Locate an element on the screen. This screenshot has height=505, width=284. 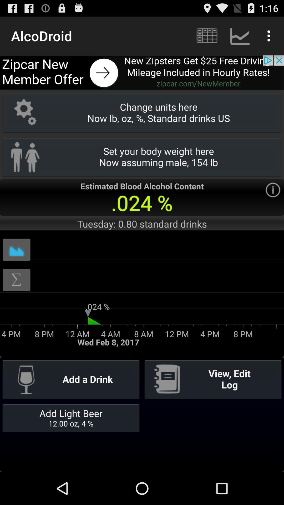
advertisement is located at coordinates (142, 72).